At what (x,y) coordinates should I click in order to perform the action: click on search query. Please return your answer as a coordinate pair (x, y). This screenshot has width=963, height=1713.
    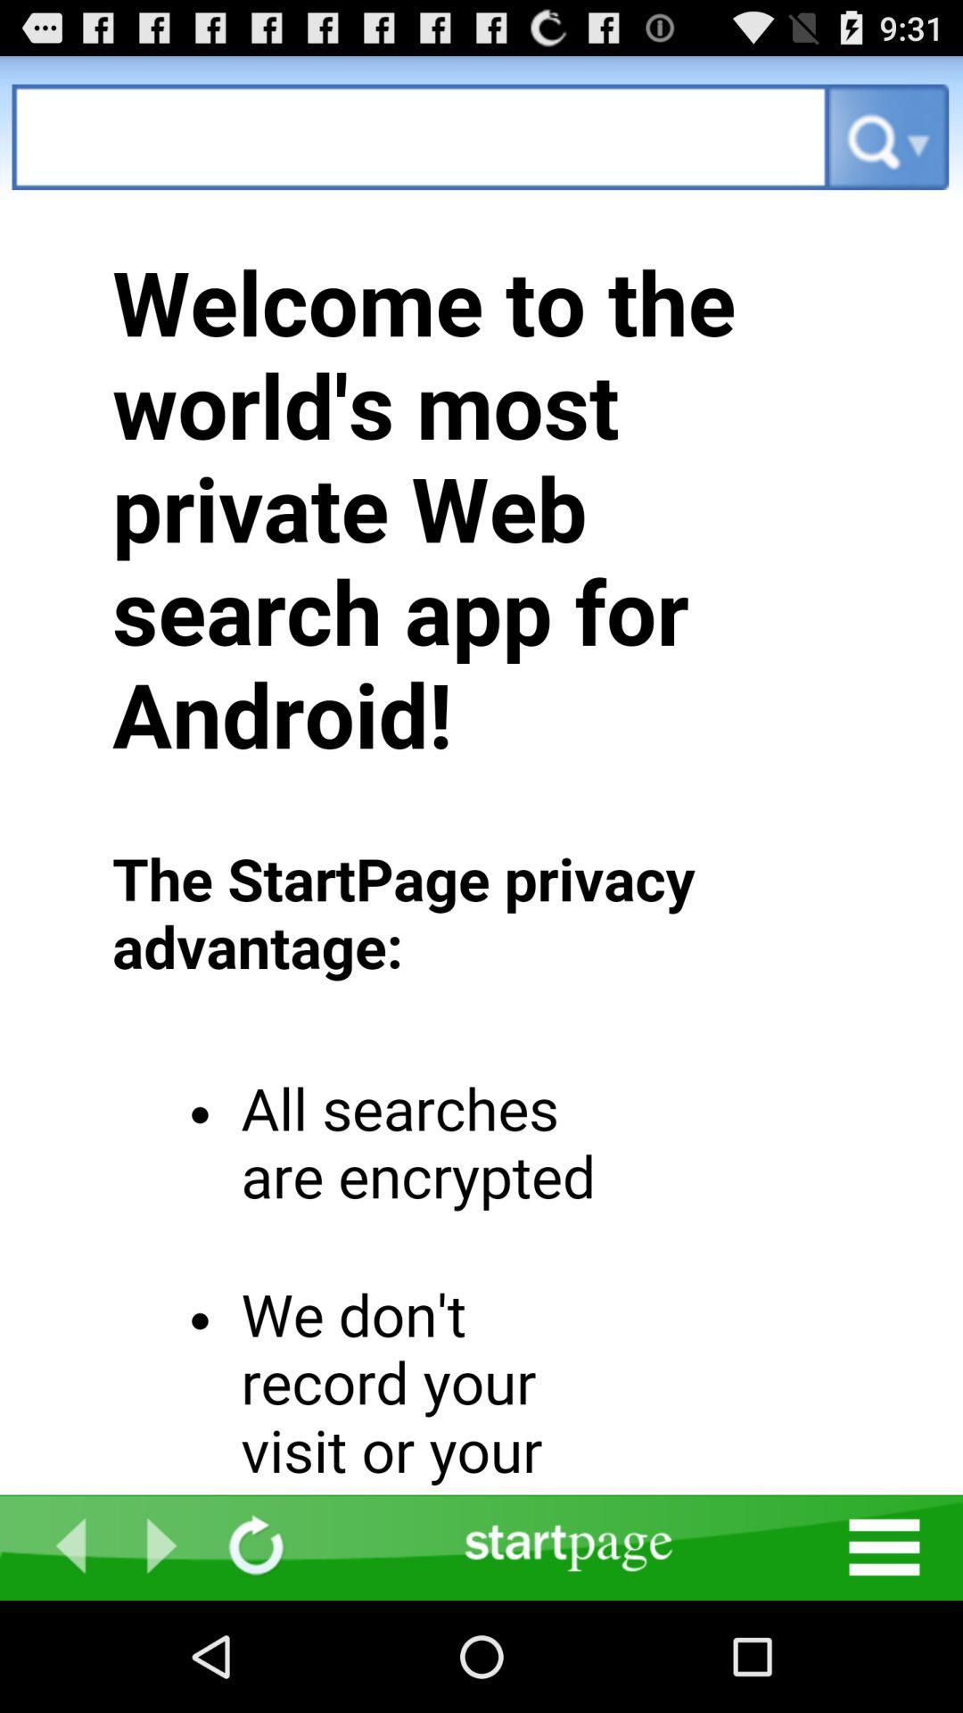
    Looking at the image, I should click on (420, 136).